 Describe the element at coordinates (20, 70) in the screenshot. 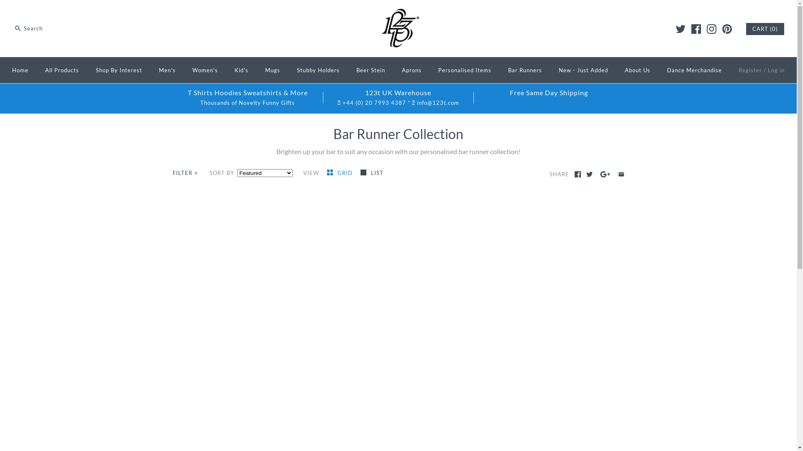

I see `'Home'` at that location.